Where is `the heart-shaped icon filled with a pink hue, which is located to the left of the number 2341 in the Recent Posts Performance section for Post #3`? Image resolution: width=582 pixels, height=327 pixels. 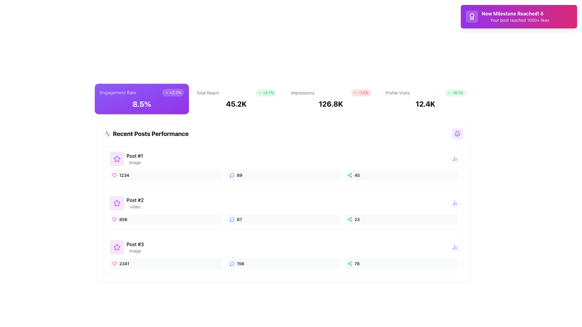
the heart-shaped icon filled with a pink hue, which is located to the left of the number 2341 in the Recent Posts Performance section for Post #3 is located at coordinates (114, 263).